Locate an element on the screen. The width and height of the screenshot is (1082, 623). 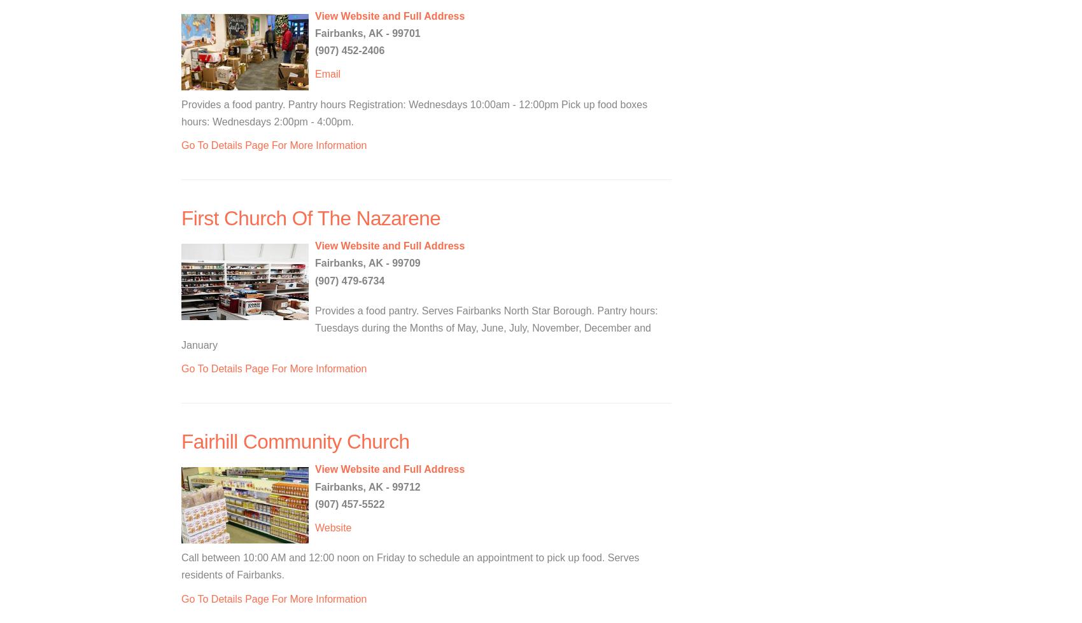
'(907) 457-5522' is located at coordinates (349, 503).